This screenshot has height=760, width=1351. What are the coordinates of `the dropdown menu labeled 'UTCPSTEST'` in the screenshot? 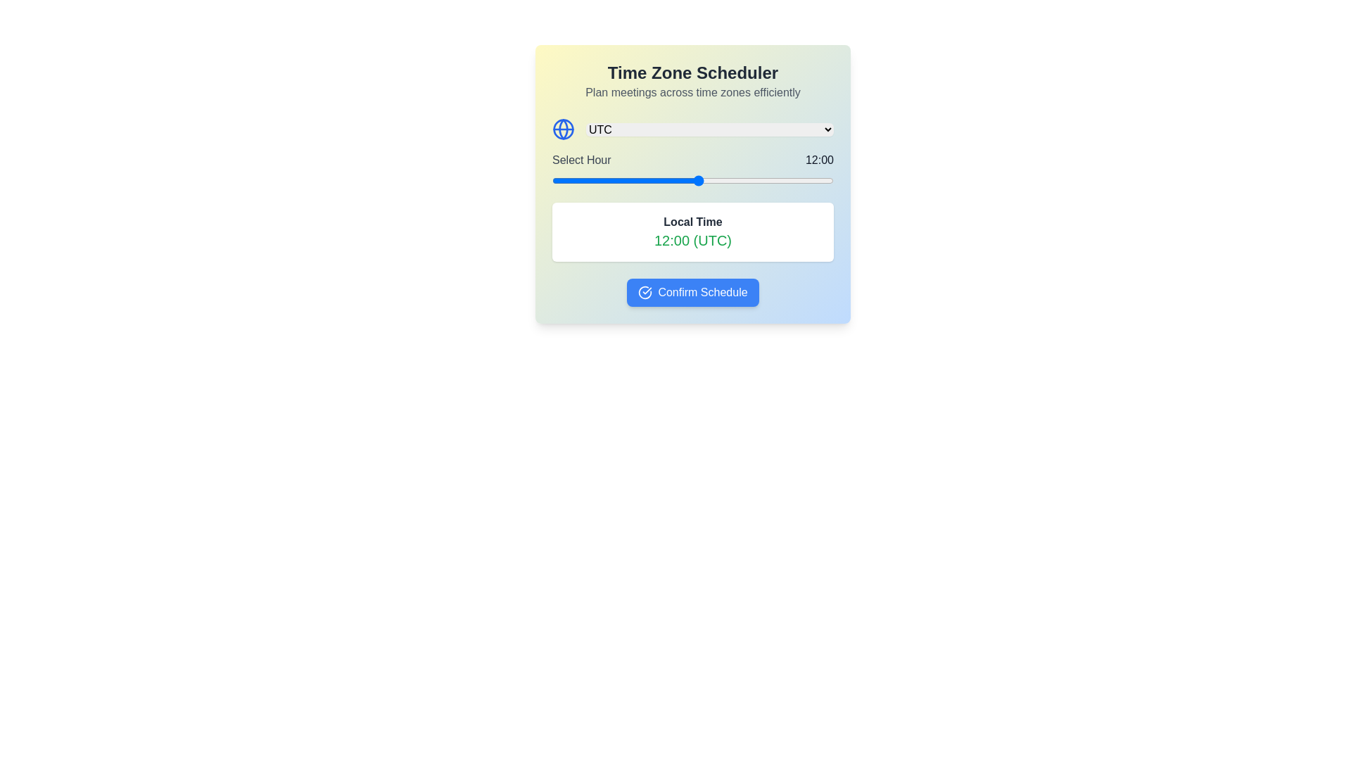 It's located at (709, 129).